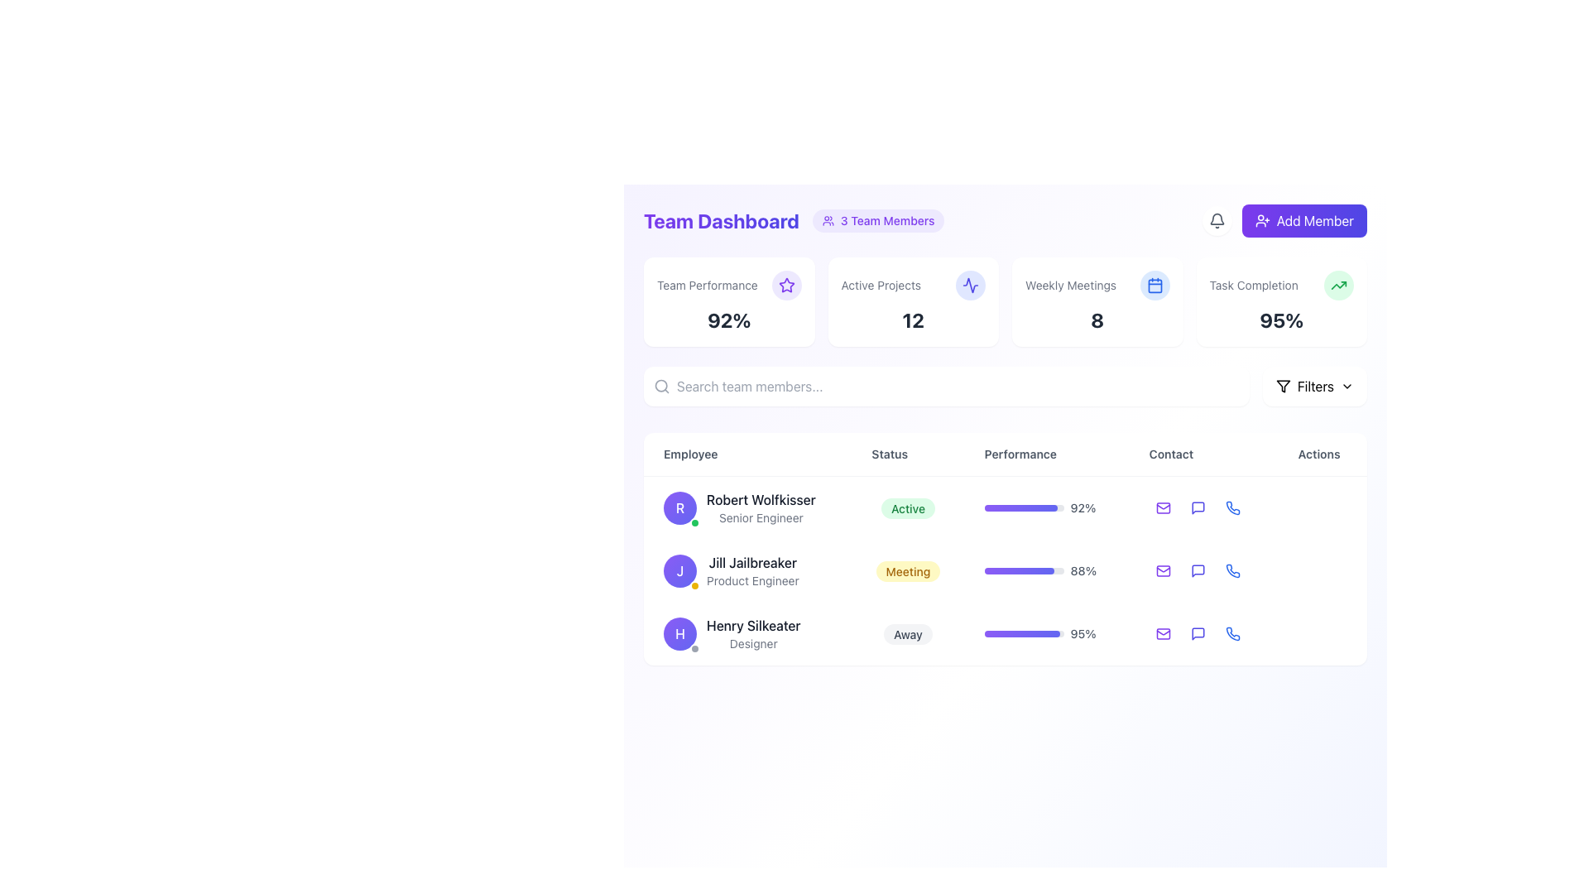 Image resolution: width=1589 pixels, height=894 pixels. Describe the element at coordinates (1046, 633) in the screenshot. I see `the value of the progress bar indicating a performance measure of 95% for Henry Silkeater in the employee status table` at that location.